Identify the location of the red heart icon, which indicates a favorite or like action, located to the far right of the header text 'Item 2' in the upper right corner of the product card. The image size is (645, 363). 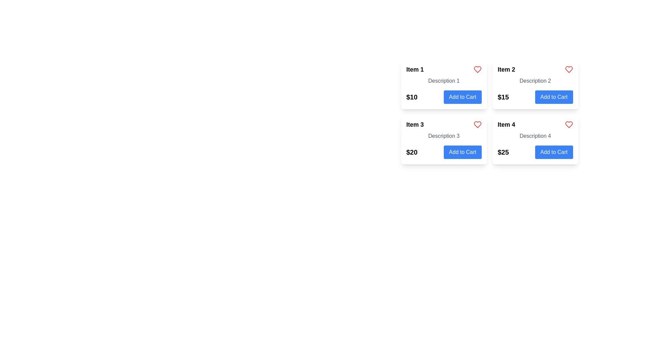
(568, 70).